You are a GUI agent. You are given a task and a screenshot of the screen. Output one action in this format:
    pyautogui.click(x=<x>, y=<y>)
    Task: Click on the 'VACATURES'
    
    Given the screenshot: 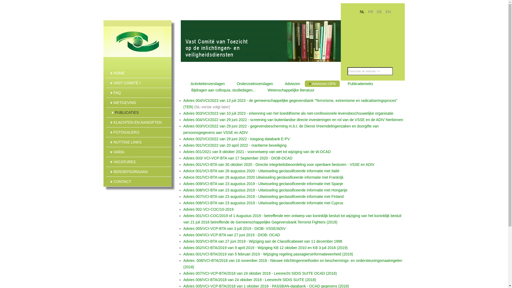 What is the action you would take?
    pyautogui.click(x=139, y=161)
    